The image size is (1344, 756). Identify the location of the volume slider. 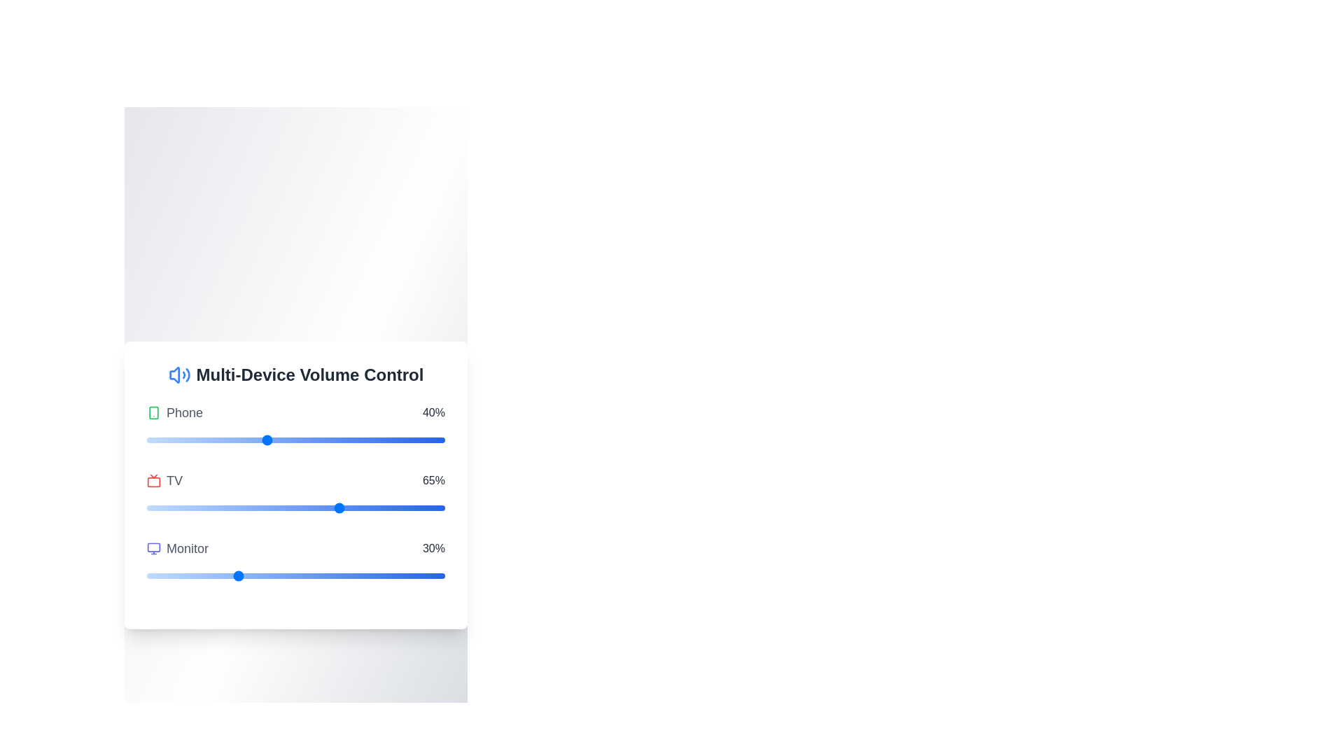
(400, 439).